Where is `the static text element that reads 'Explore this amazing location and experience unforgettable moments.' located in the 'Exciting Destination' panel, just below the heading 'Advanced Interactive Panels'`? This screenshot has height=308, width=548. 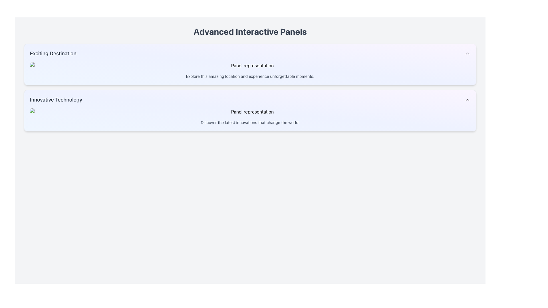 the static text element that reads 'Explore this amazing location and experience unforgettable moments.' located in the 'Exciting Destination' panel, just below the heading 'Advanced Interactive Panels' is located at coordinates (250, 76).